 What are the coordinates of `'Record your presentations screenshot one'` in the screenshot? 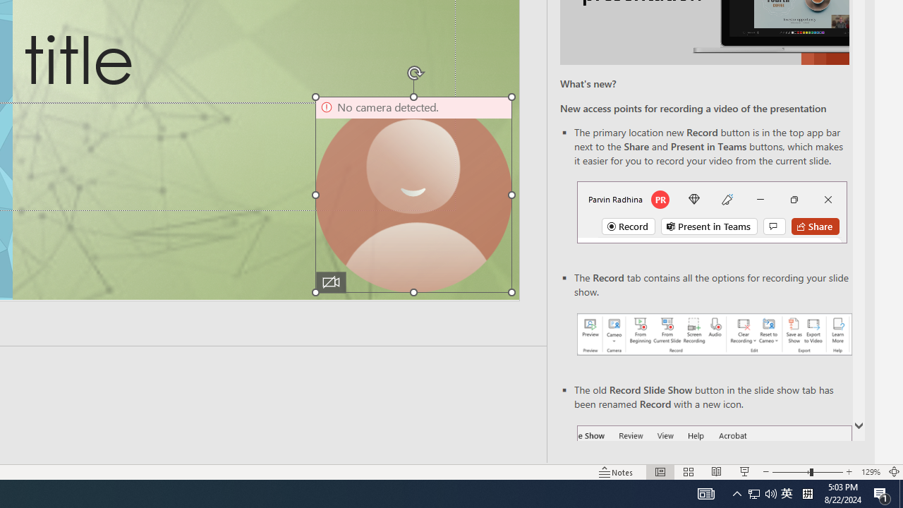 It's located at (715, 334).